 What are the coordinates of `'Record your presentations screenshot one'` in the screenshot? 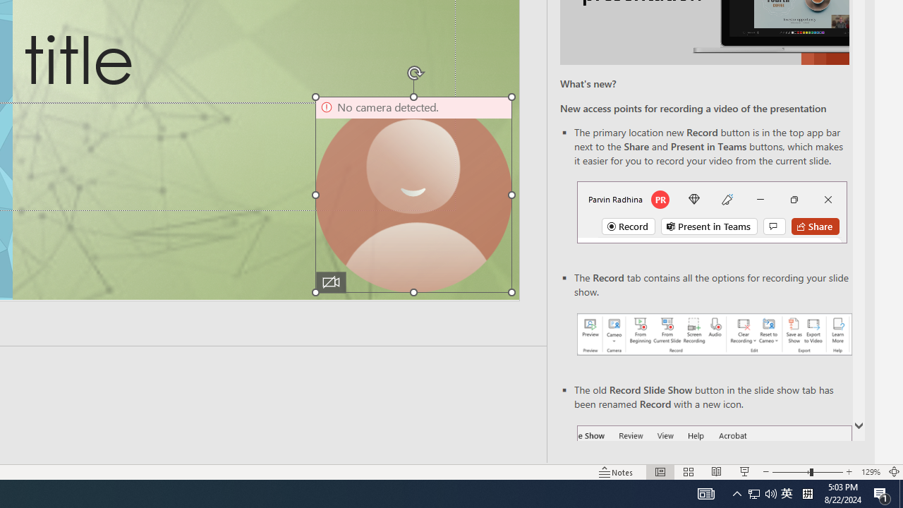 It's located at (715, 334).